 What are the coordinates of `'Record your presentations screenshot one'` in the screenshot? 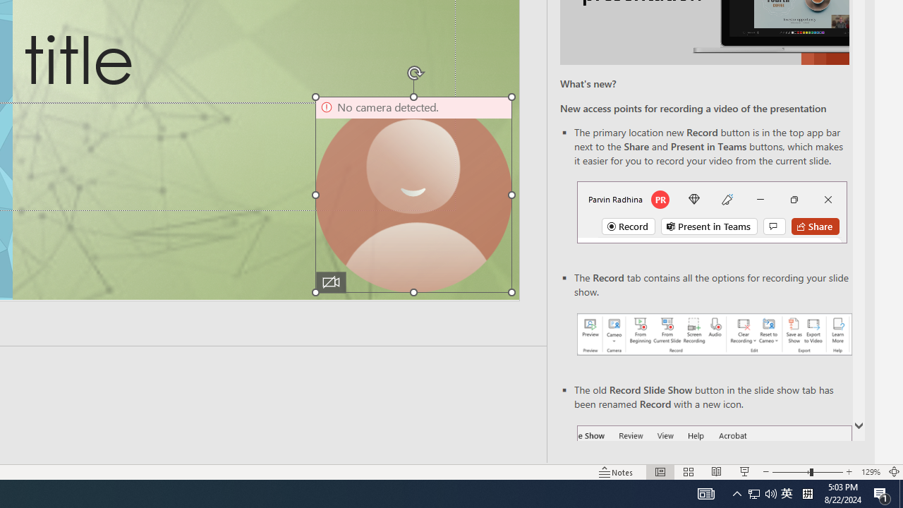 It's located at (715, 334).